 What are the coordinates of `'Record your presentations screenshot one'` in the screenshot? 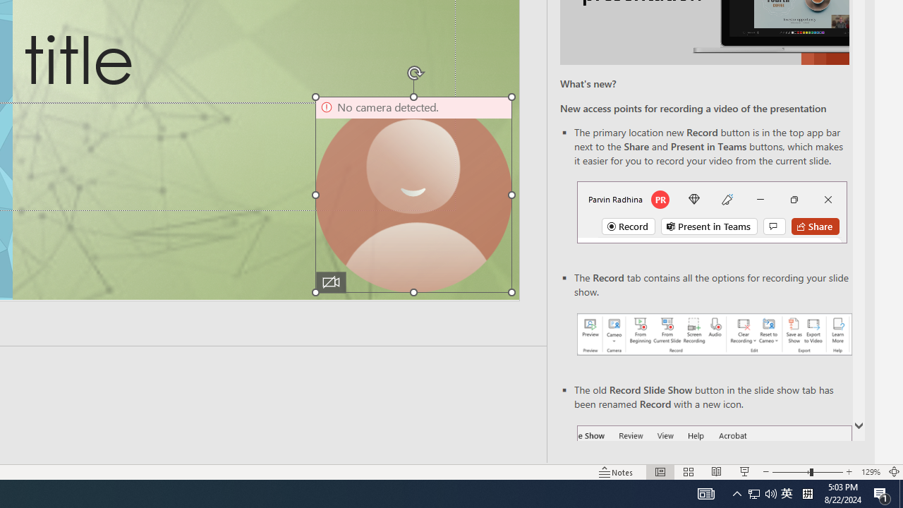 It's located at (715, 334).